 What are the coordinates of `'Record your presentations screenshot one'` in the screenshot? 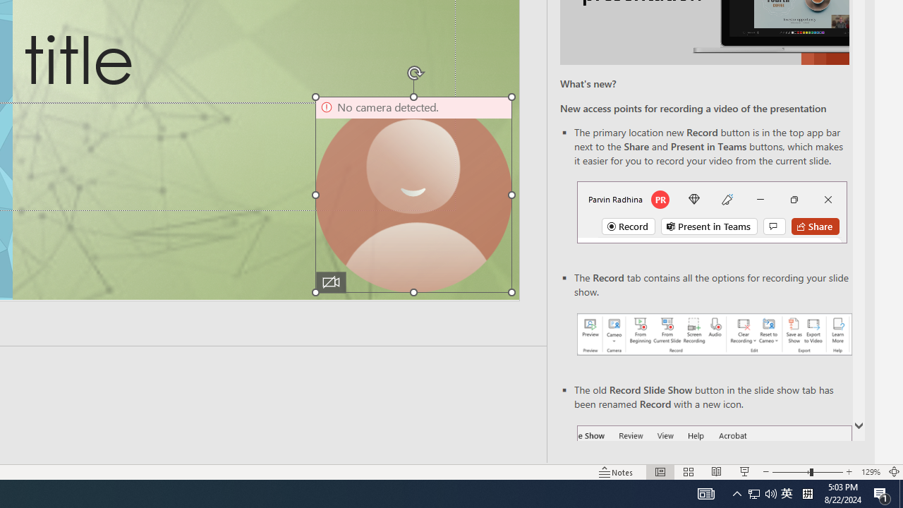 It's located at (715, 334).